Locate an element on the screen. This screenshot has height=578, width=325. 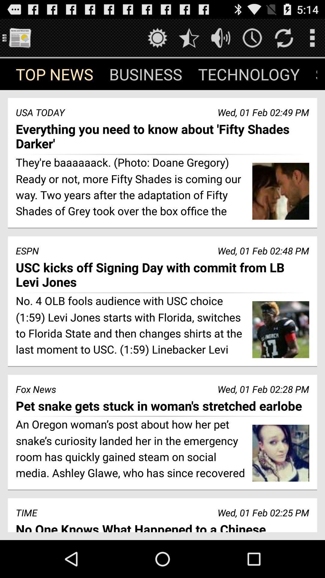
settings is located at coordinates (157, 37).